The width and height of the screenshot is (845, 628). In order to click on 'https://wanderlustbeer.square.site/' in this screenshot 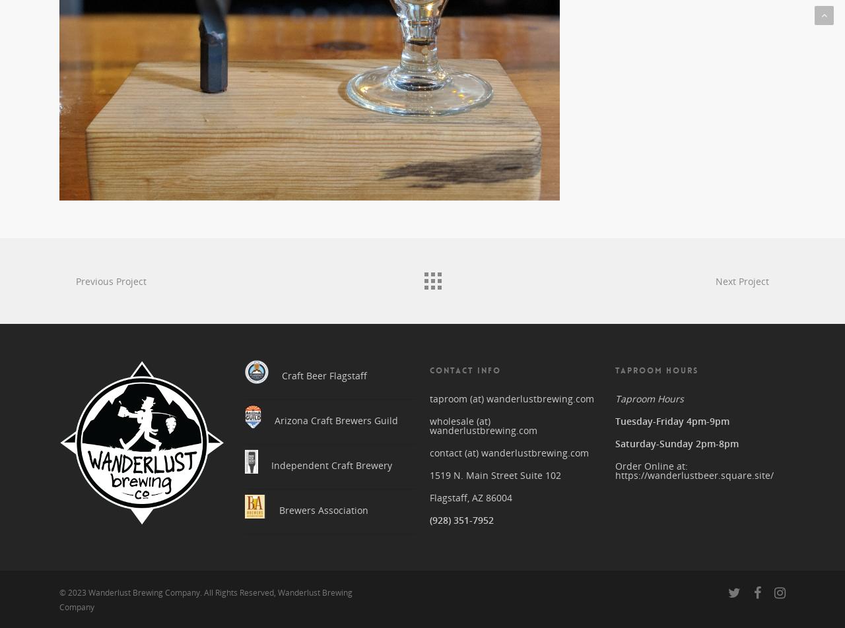, I will do `click(693, 470)`.